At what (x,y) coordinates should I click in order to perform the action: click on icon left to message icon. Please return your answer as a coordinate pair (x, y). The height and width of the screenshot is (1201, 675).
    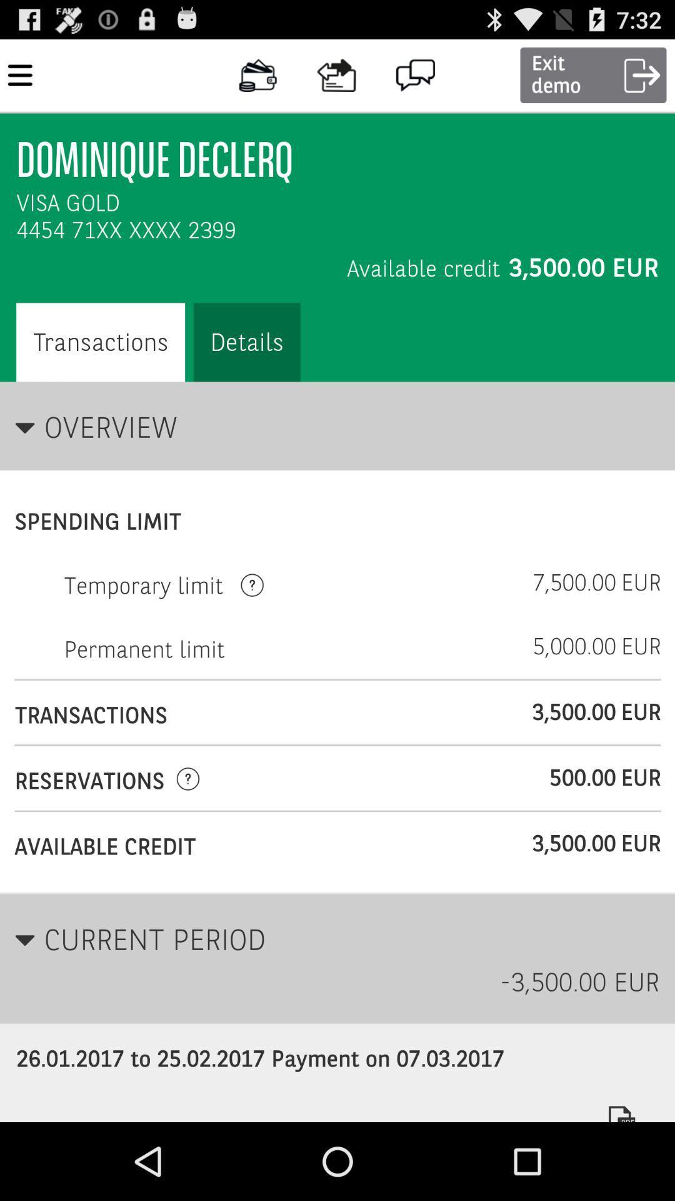
    Looking at the image, I should click on (336, 74).